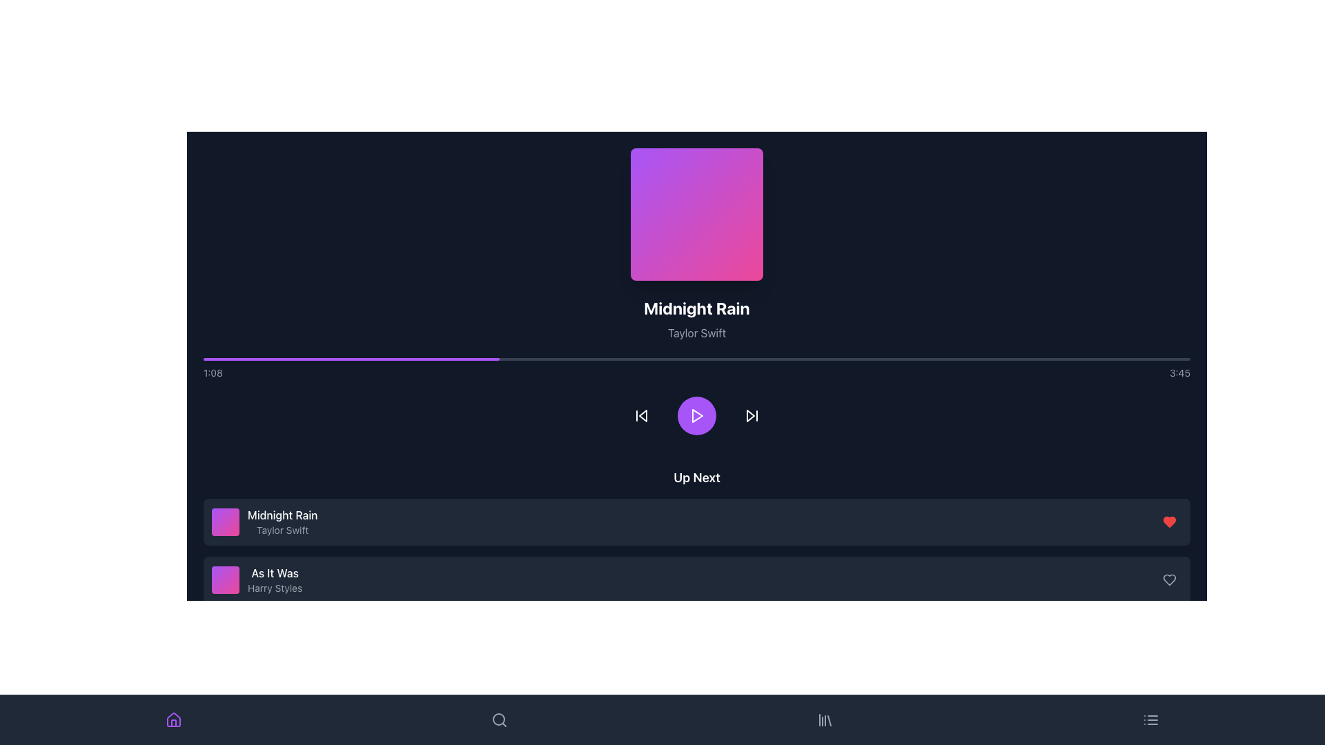 The image size is (1325, 745). What do you see at coordinates (443, 358) in the screenshot?
I see `the progress bar` at bounding box center [443, 358].